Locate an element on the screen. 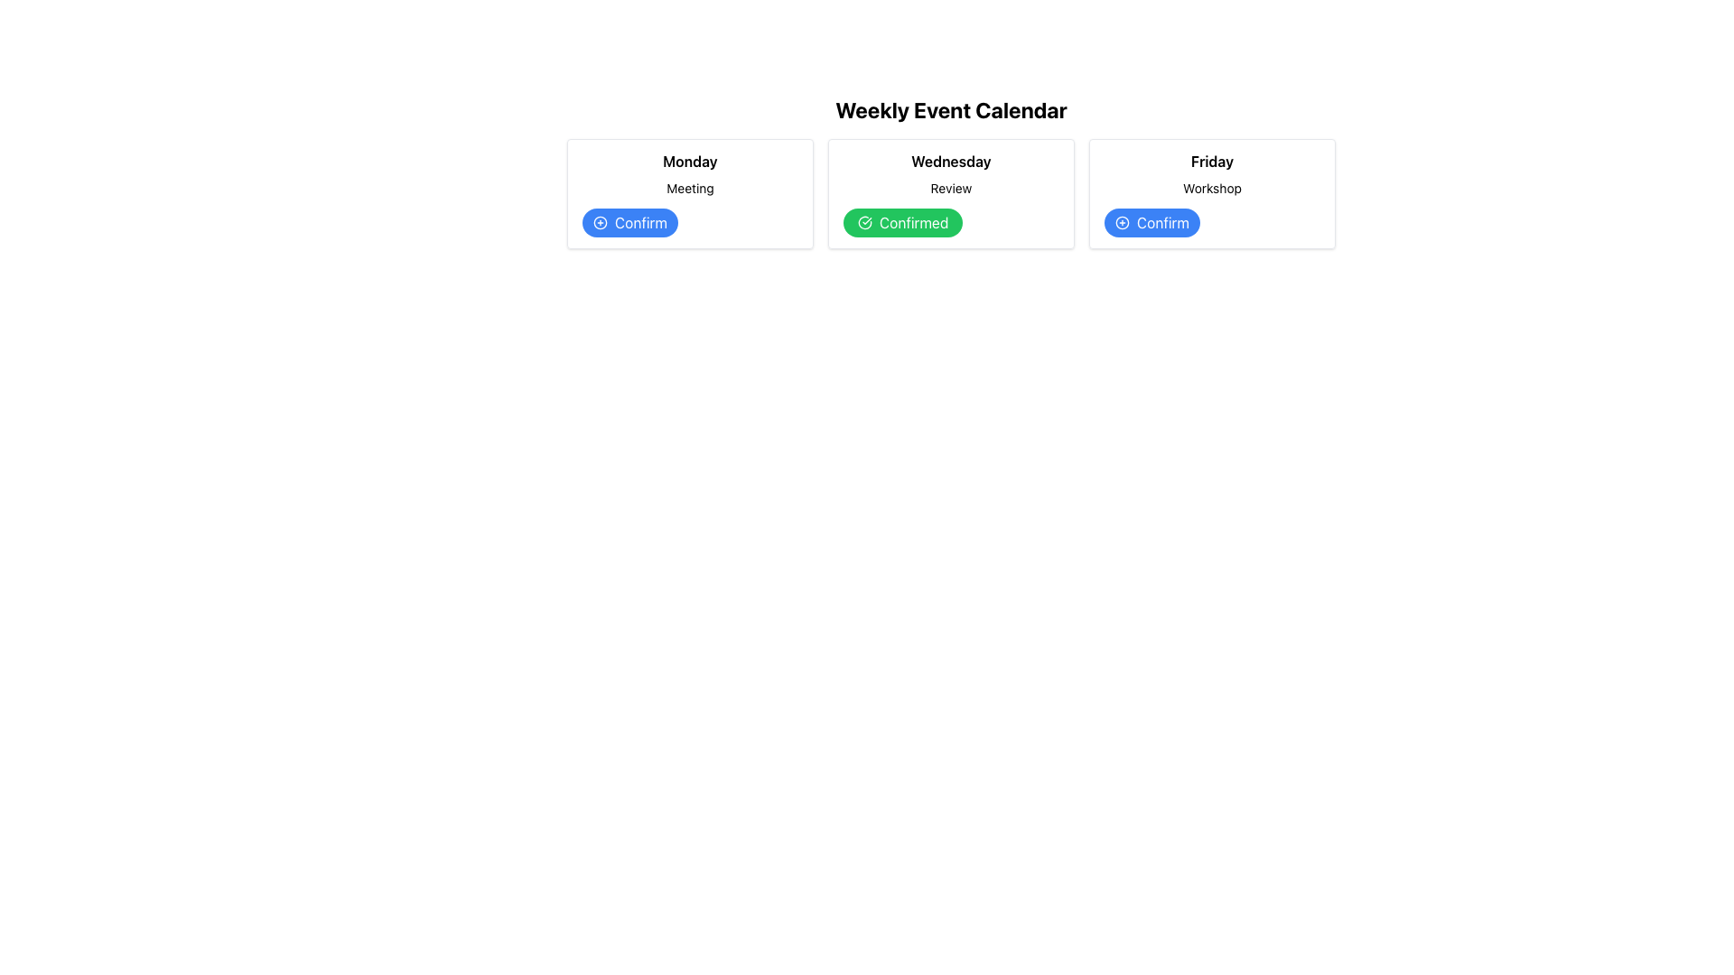 The image size is (1734, 975). the icon located on the left side of the 'Confirm' button in the 'Friday' card of the 'Weekly Event Calendar' interface is located at coordinates (1122, 221).